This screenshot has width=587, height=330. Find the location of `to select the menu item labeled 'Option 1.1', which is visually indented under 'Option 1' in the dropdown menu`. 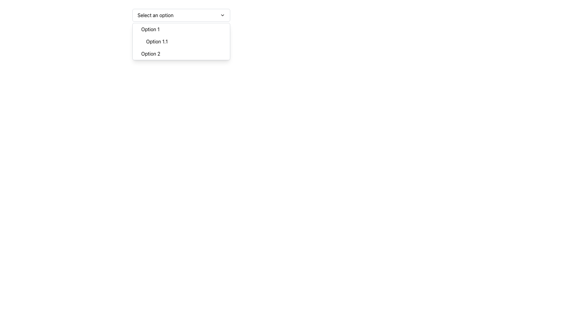

to select the menu item labeled 'Option 1.1', which is visually indented under 'Option 1' in the dropdown menu is located at coordinates (186, 41).